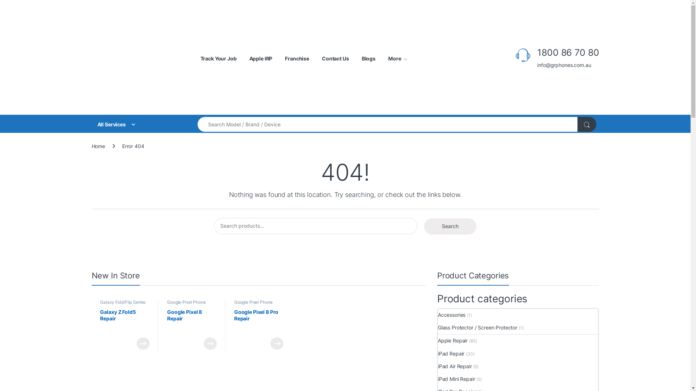  What do you see at coordinates (477, 328) in the screenshot?
I see `'Glass Protector / Screen Protector'` at bounding box center [477, 328].